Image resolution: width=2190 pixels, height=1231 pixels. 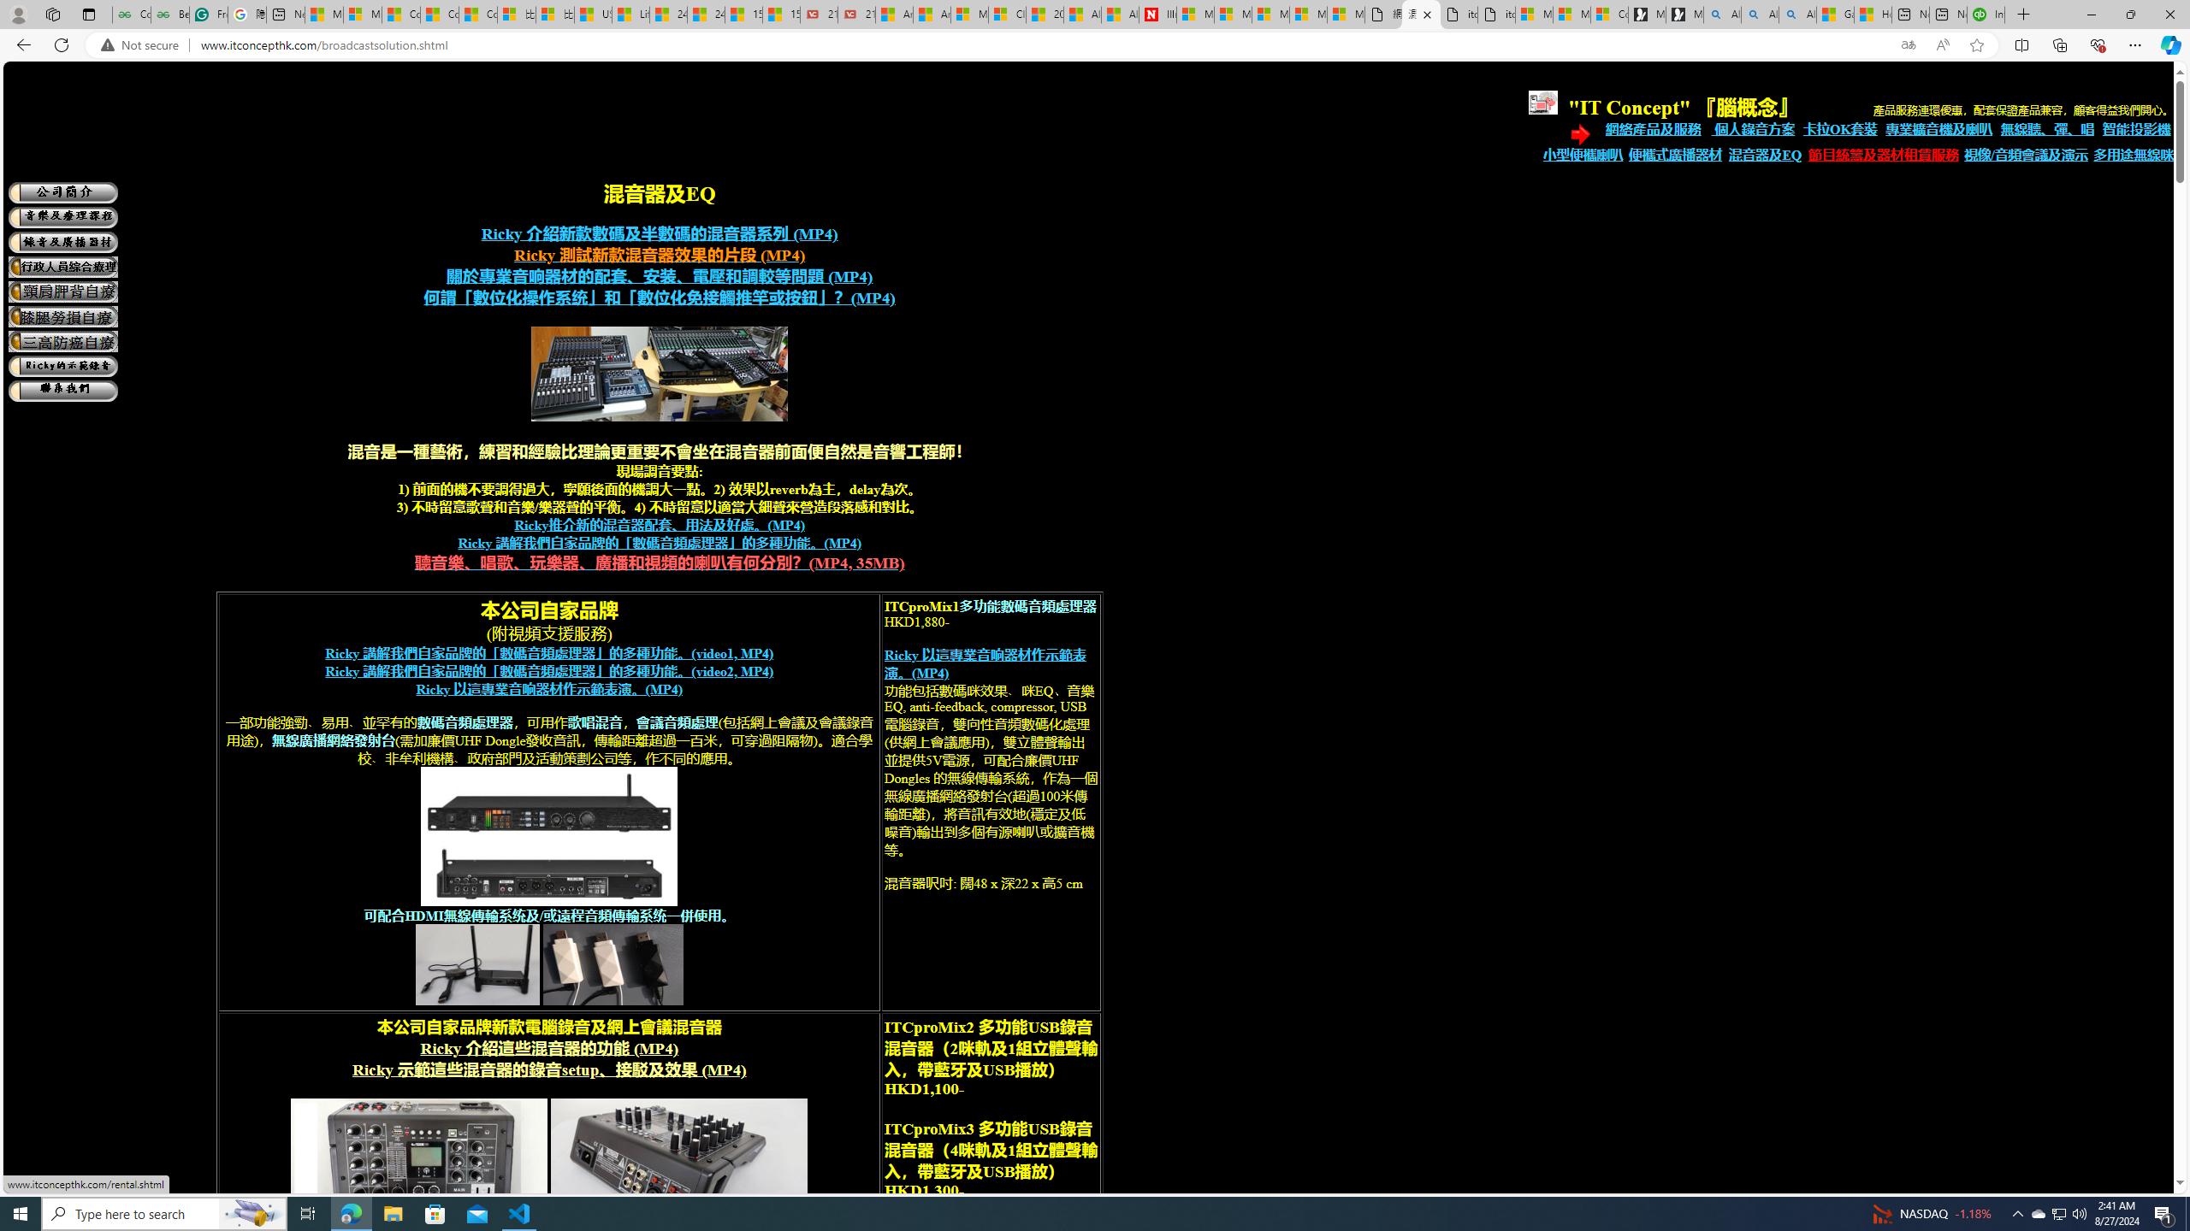 What do you see at coordinates (855, 14) in the screenshot?
I see `'21 Movies That Outdid the Books They Were Based On'` at bounding box center [855, 14].